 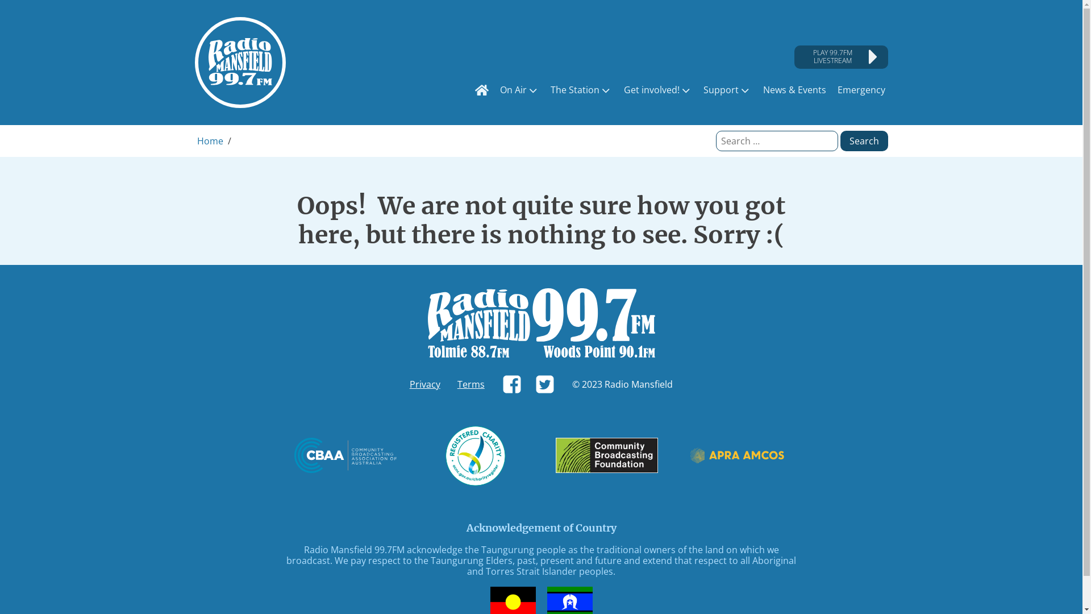 What do you see at coordinates (657, 89) in the screenshot?
I see `'Get involved!'` at bounding box center [657, 89].